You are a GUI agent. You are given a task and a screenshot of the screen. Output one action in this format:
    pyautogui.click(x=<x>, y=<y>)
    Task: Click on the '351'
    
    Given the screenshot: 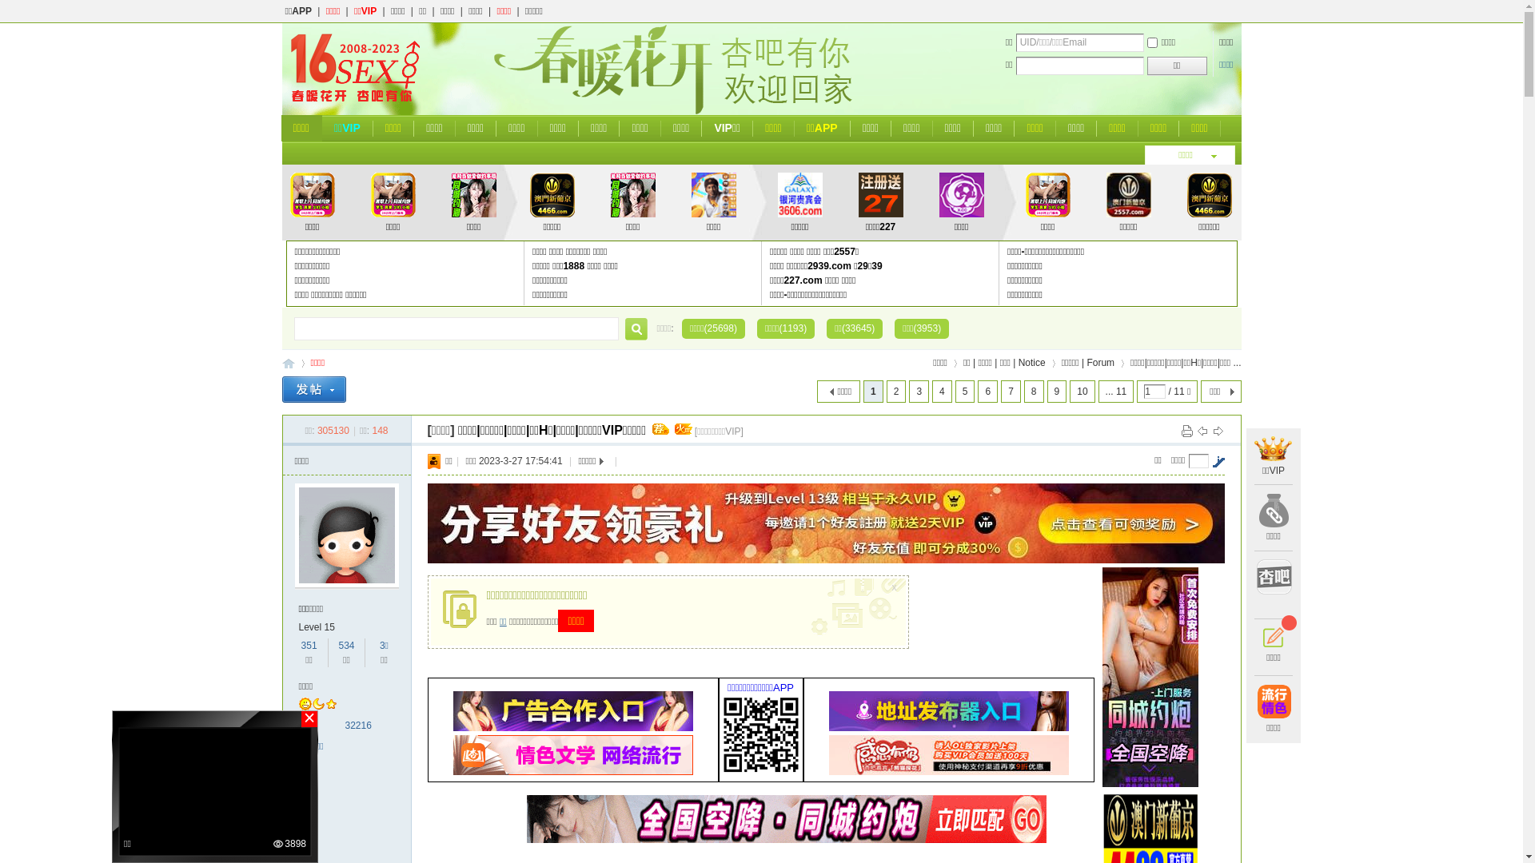 What is the action you would take?
    pyautogui.click(x=309, y=644)
    